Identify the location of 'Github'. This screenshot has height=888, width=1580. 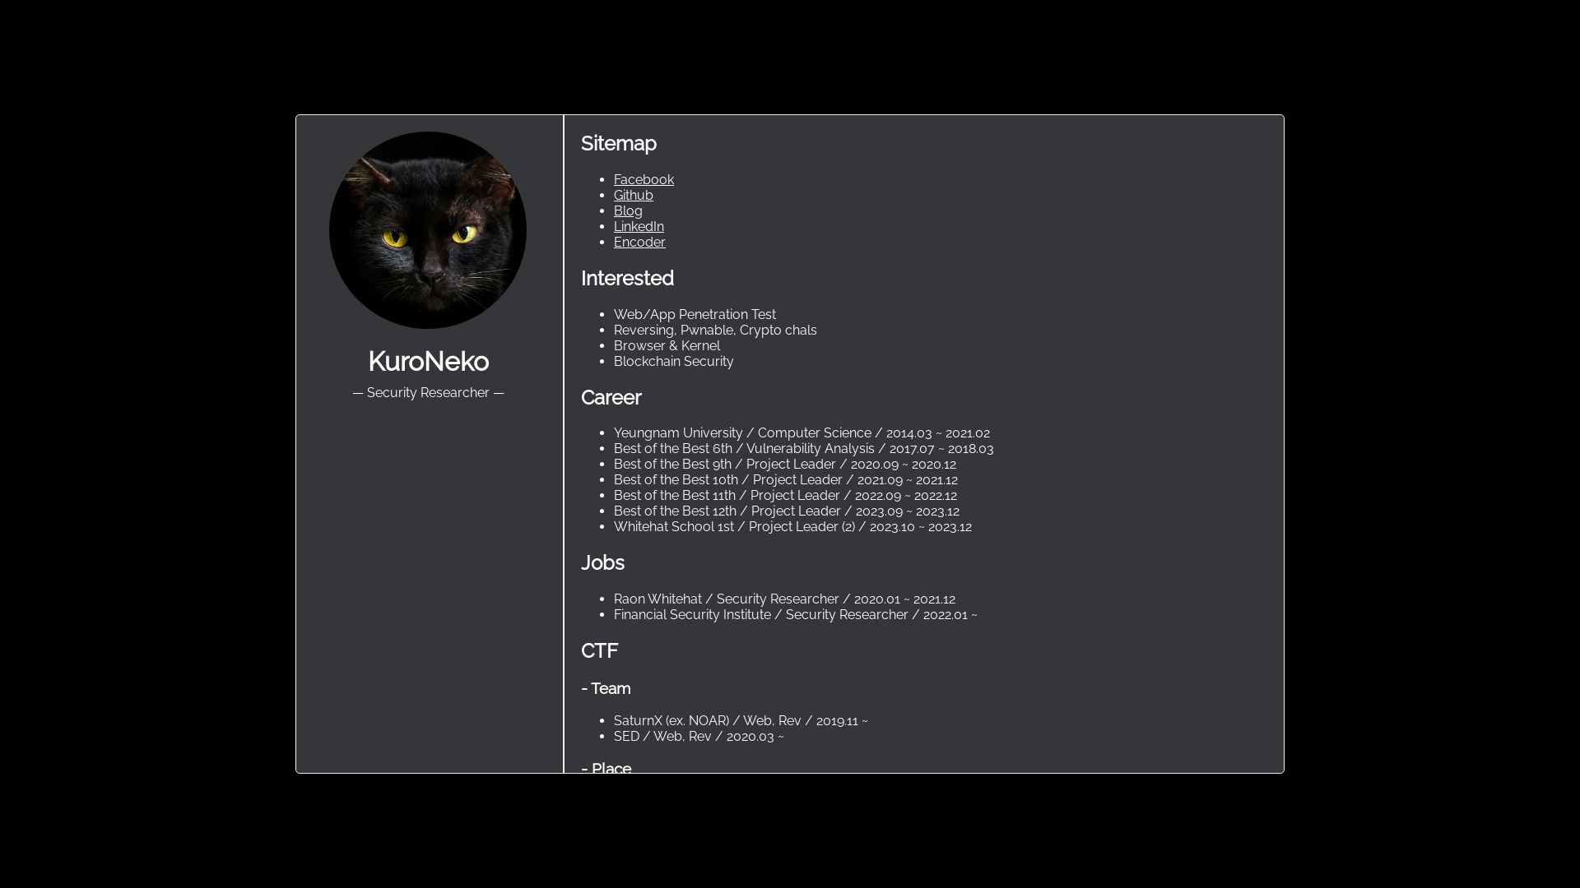
(632, 194).